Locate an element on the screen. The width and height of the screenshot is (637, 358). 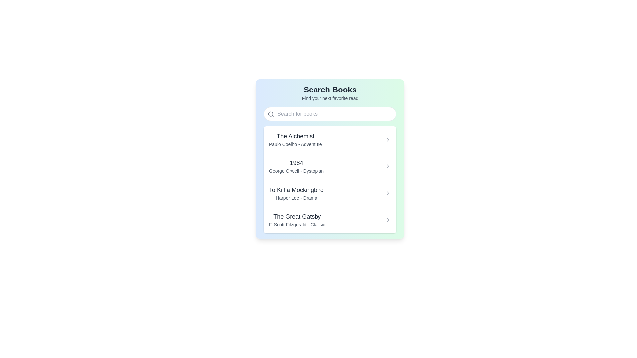
the bold, dark gray text header displaying 'Search Books' at the top of the search interface is located at coordinates (330, 89).